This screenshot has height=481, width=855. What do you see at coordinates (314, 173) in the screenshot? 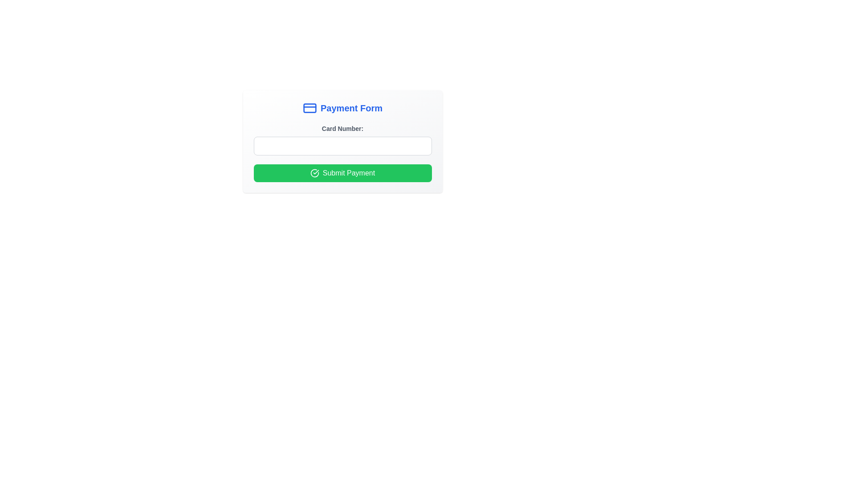
I see `the confirmation icon located on the left side of the 'Submit Payment' button to initiate the payment process` at bounding box center [314, 173].